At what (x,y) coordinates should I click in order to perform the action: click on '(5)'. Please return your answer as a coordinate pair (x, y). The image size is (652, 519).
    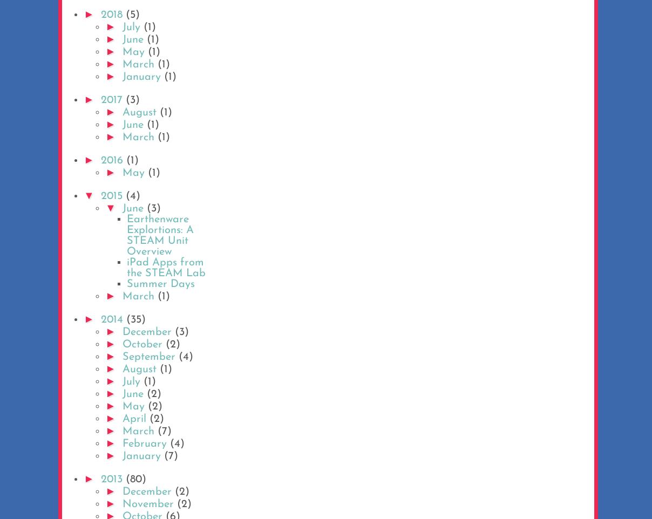
    Looking at the image, I should click on (132, 14).